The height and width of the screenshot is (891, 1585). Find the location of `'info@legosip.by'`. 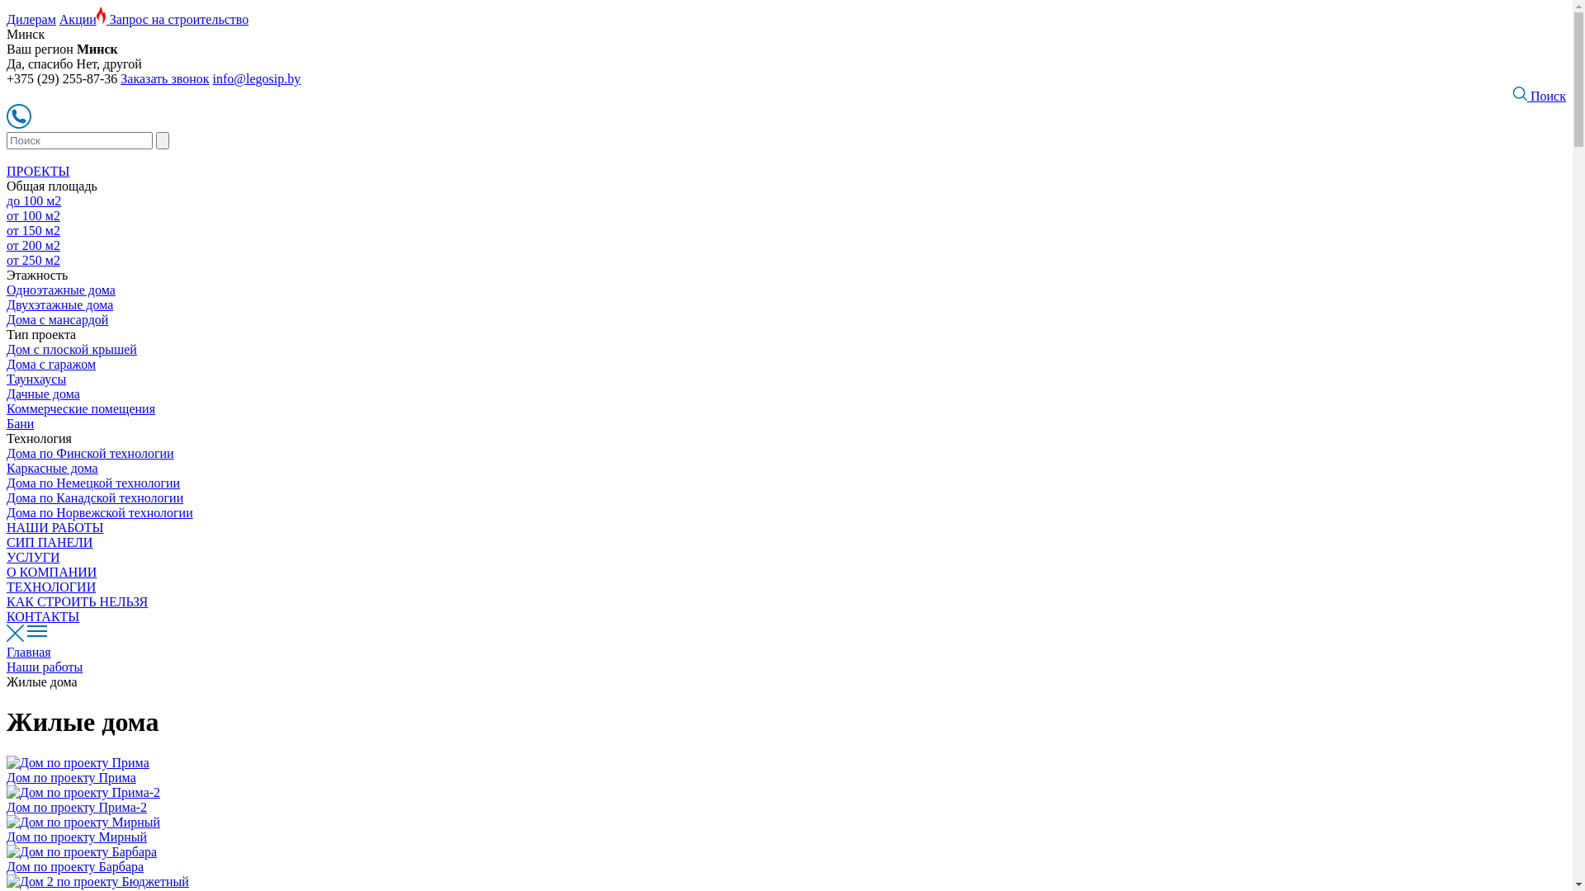

'info@legosip.by' is located at coordinates (256, 78).